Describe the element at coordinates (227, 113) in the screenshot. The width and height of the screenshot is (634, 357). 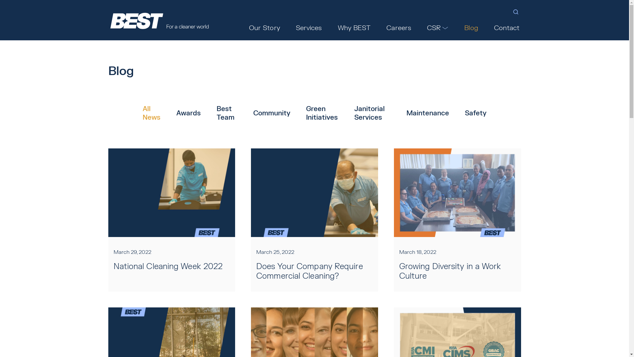
I see `'Best Team'` at that location.